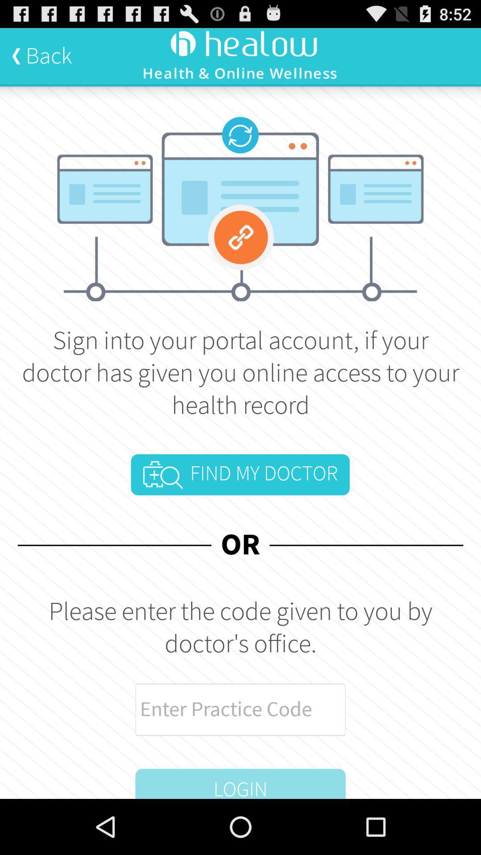 The height and width of the screenshot is (855, 481). I want to click on icon above the login item, so click(240, 709).